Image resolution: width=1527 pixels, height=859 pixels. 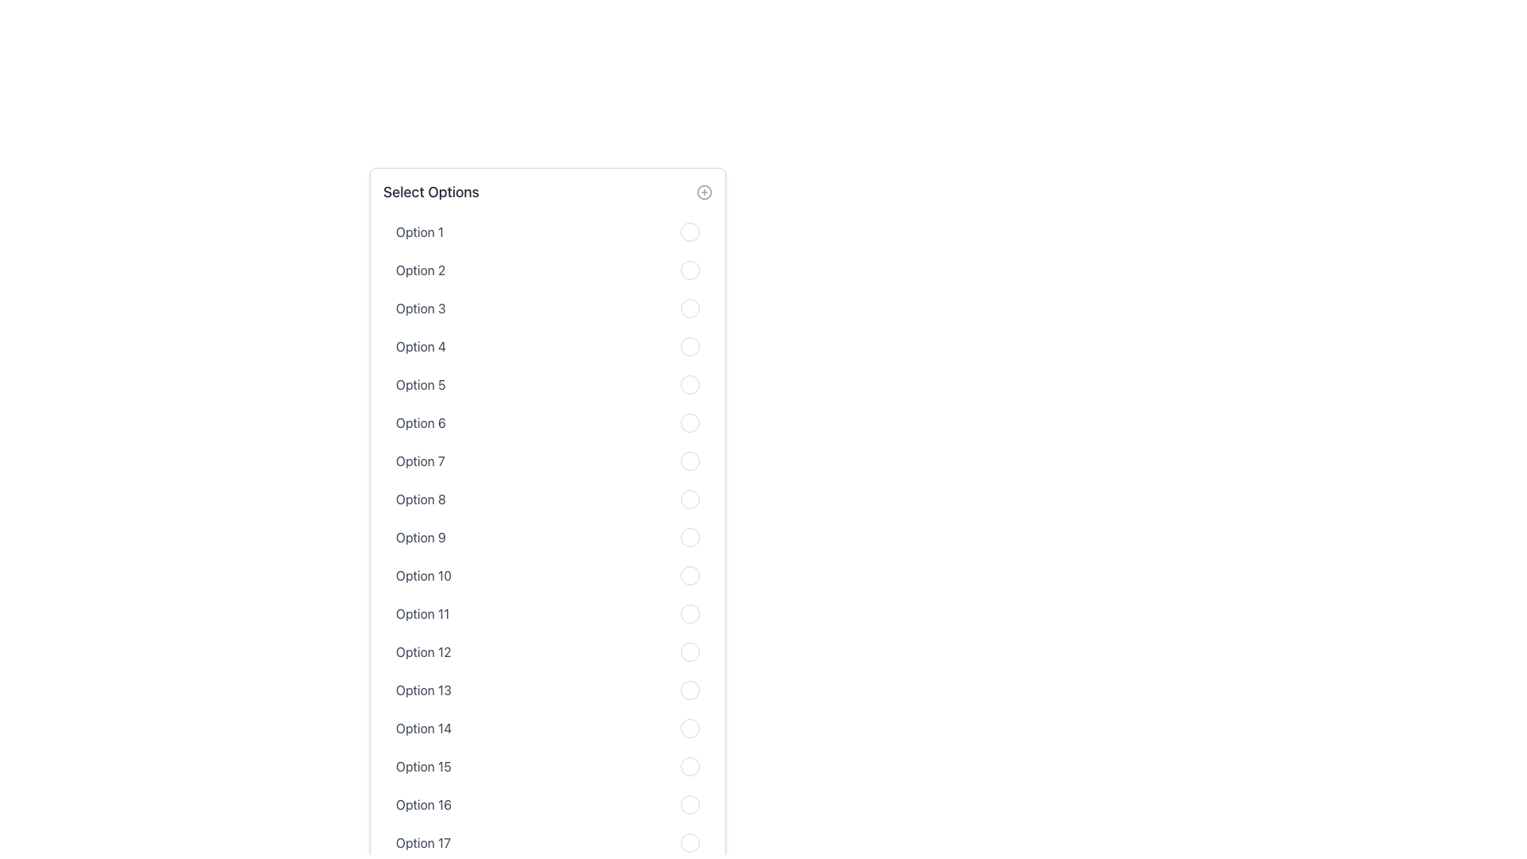 What do you see at coordinates (548, 766) in the screenshot?
I see `the radio button labeled as the 15th option in the 'Select Options' list` at bounding box center [548, 766].